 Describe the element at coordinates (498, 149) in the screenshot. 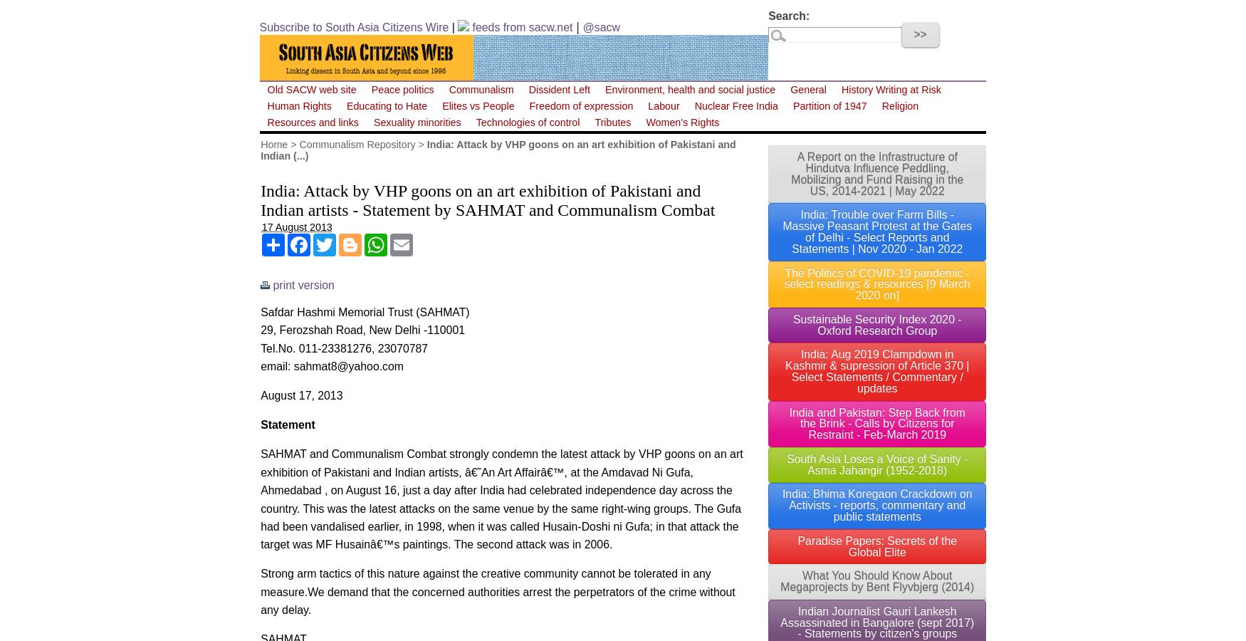

I see `'India: Attack by VHP goons on an art exhibition of Pakistani and Indian (...)'` at that location.